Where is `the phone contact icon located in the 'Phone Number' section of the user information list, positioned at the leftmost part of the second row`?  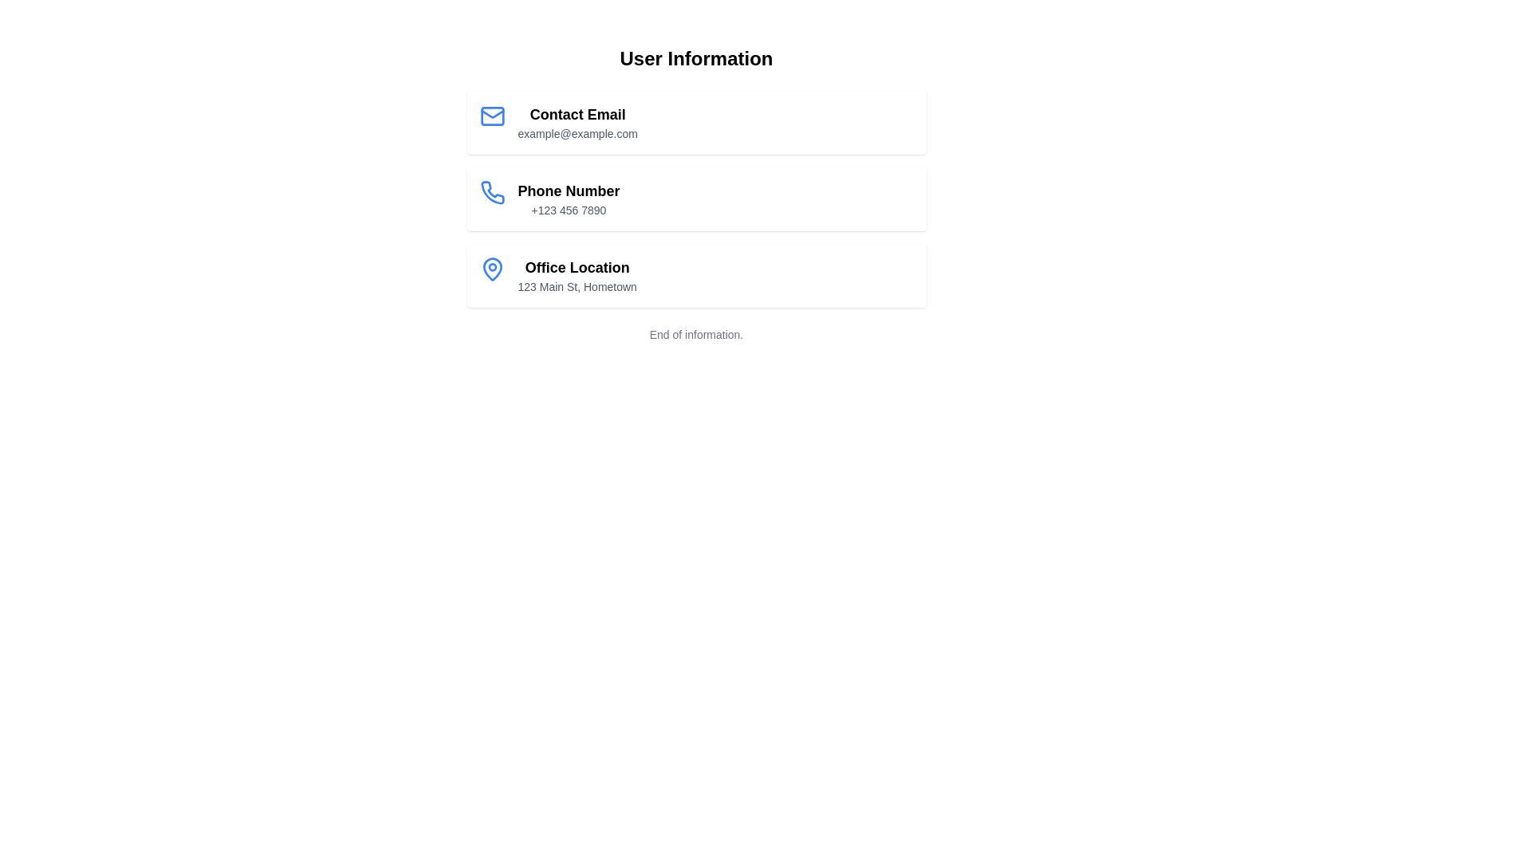 the phone contact icon located in the 'Phone Number' section of the user information list, positioned at the leftmost part of the second row is located at coordinates (491, 192).